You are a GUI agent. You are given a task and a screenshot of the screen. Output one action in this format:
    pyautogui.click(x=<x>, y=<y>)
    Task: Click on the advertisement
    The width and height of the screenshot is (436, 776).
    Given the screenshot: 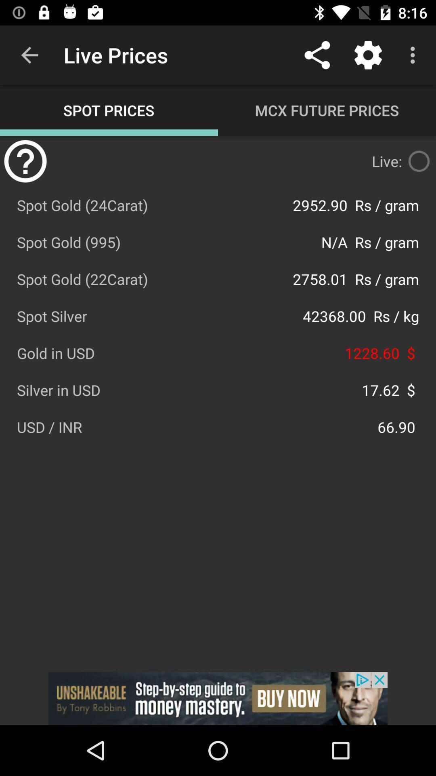 What is the action you would take?
    pyautogui.click(x=218, y=698)
    